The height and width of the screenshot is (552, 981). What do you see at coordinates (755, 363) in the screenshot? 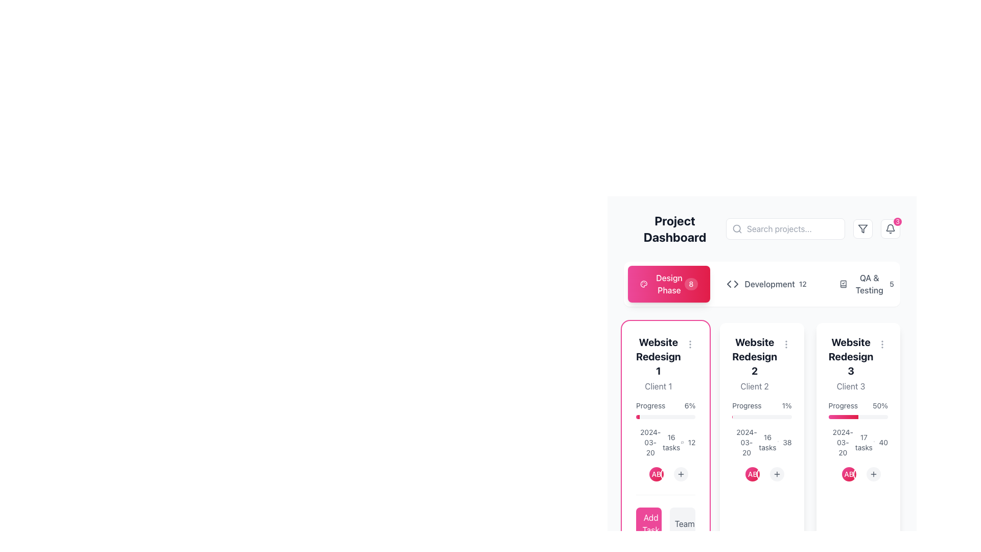
I see `the stylized header labeled 'Website Redesign 2' in the 'Design Phase' section` at bounding box center [755, 363].